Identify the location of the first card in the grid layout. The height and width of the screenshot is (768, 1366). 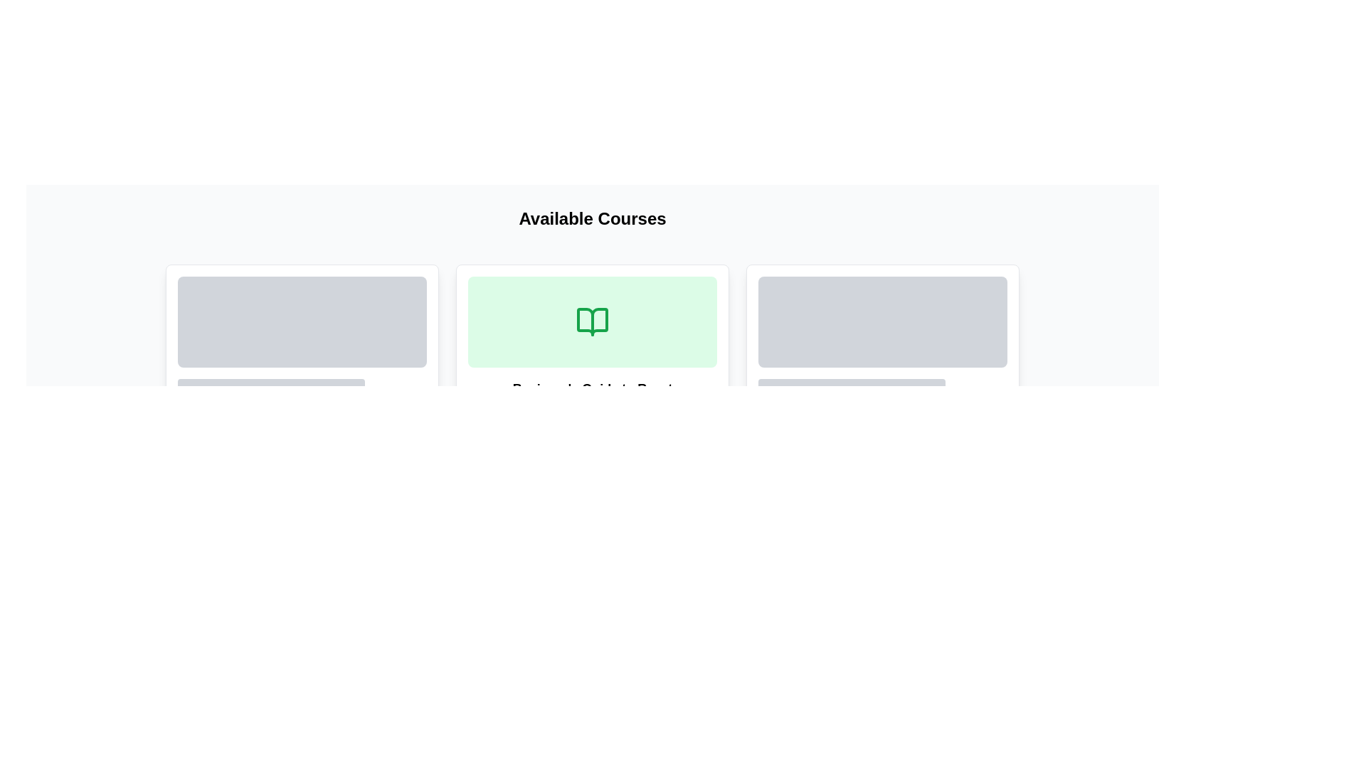
(302, 366).